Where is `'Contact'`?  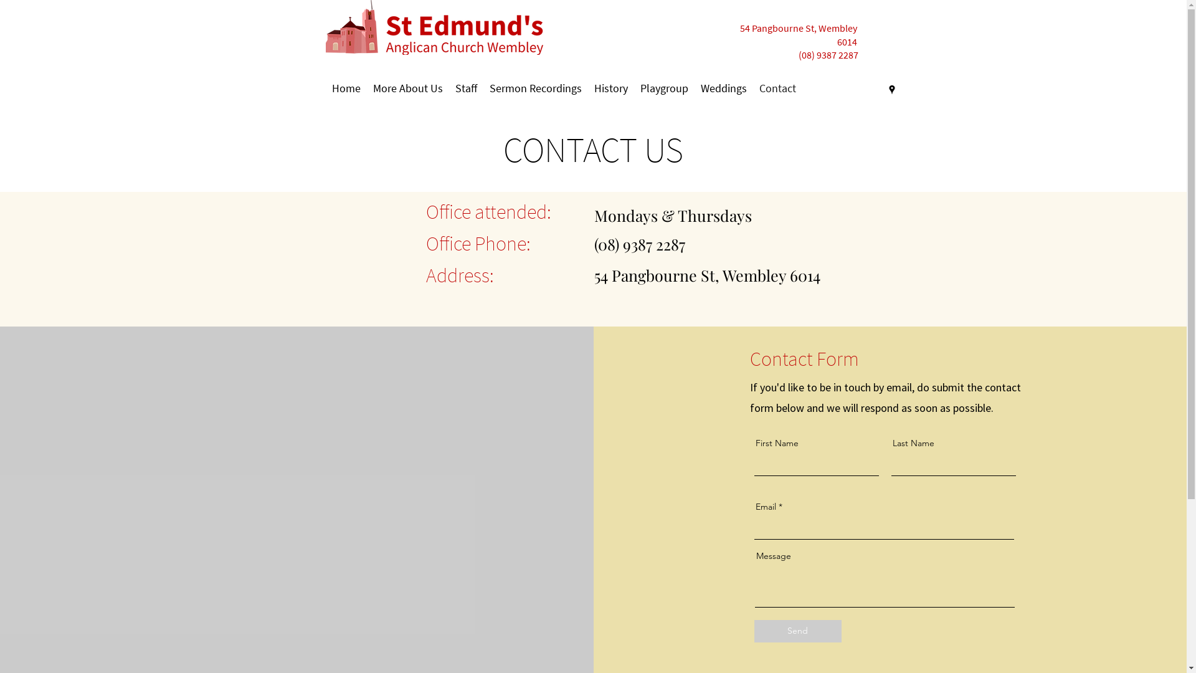 'Contact' is located at coordinates (776, 88).